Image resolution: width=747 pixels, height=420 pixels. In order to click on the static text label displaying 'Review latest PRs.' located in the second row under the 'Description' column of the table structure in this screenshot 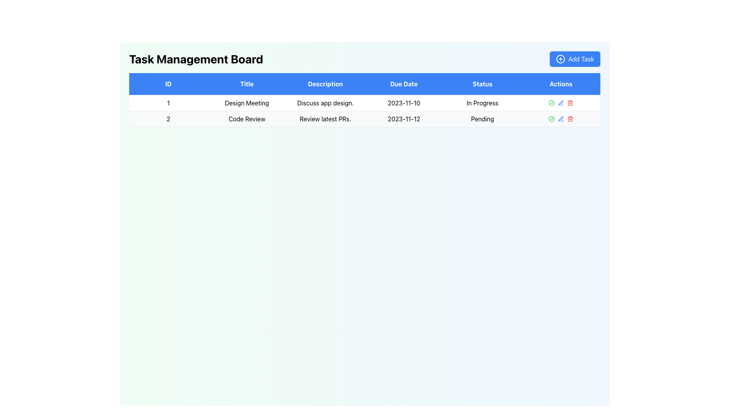, I will do `click(325, 119)`.